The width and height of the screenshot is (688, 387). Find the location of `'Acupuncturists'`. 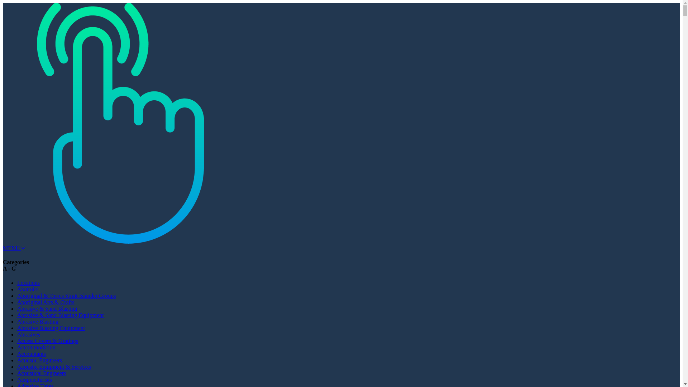

'Acupuncturists' is located at coordinates (34, 379).